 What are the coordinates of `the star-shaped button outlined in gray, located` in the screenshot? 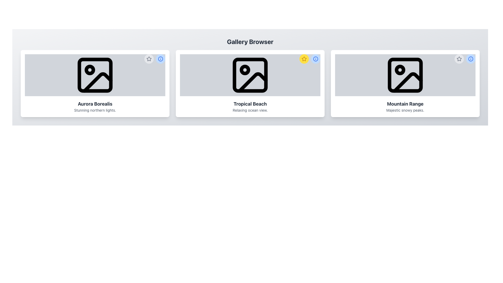 It's located at (149, 59).